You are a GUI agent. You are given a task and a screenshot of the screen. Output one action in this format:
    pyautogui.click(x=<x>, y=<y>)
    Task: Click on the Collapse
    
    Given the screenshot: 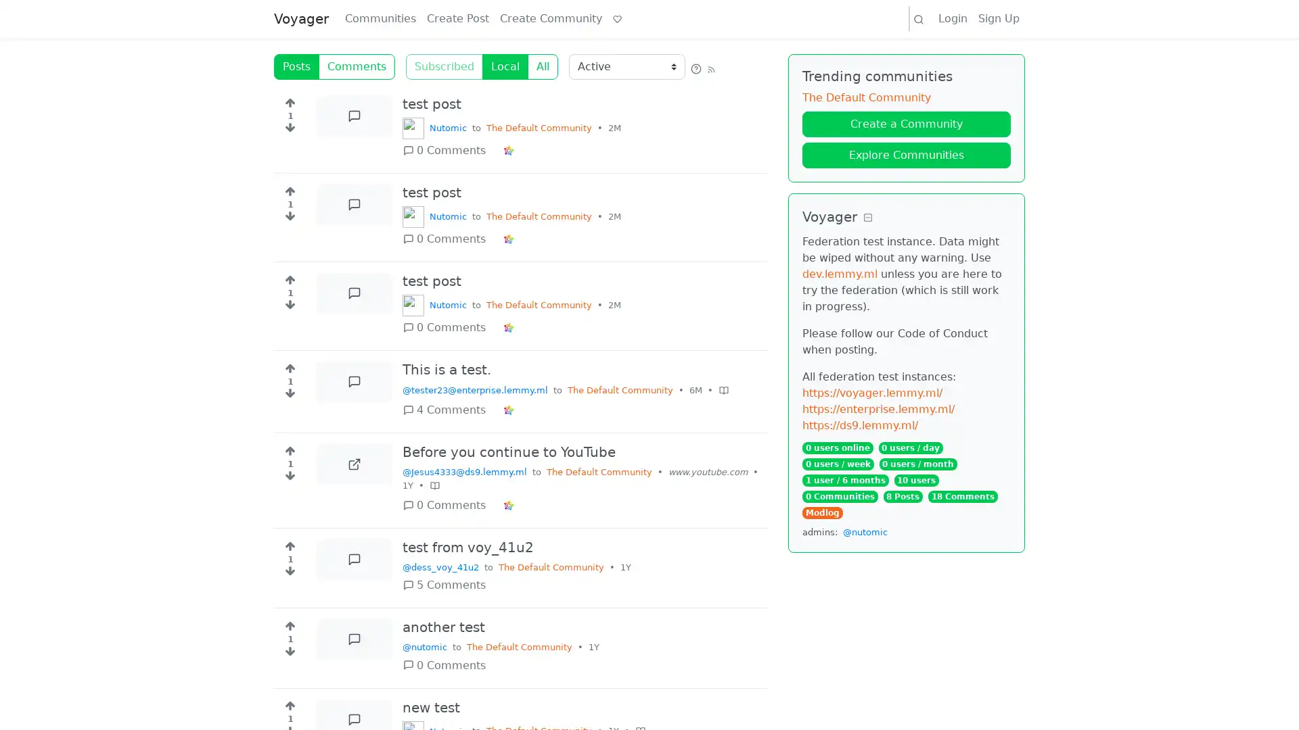 What is the action you would take?
    pyautogui.click(x=867, y=217)
    